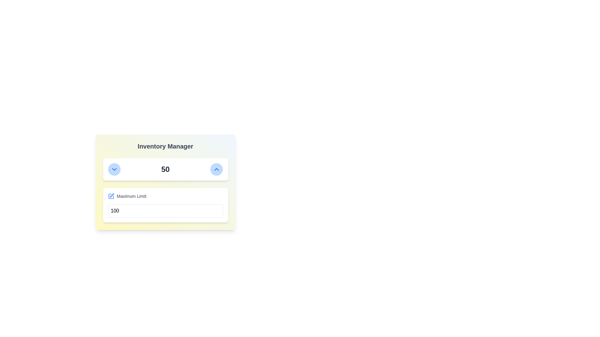  Describe the element at coordinates (217, 169) in the screenshot. I see `the increment button located in the top-right corner of the component that adjusts the numeric value displayed as '50'` at that location.